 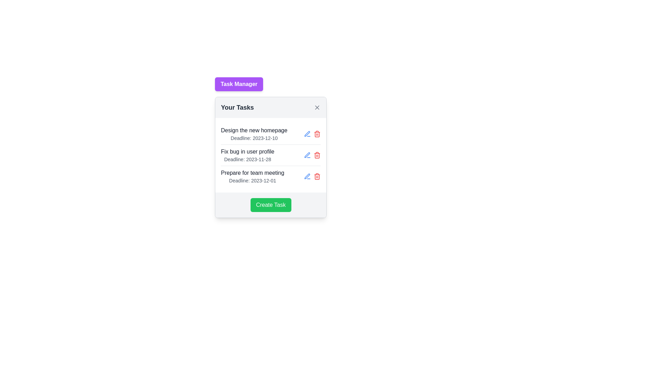 I want to click on the blue pen icon button located on the right side of the task line for 'Fix bug in user profile', so click(x=307, y=176).